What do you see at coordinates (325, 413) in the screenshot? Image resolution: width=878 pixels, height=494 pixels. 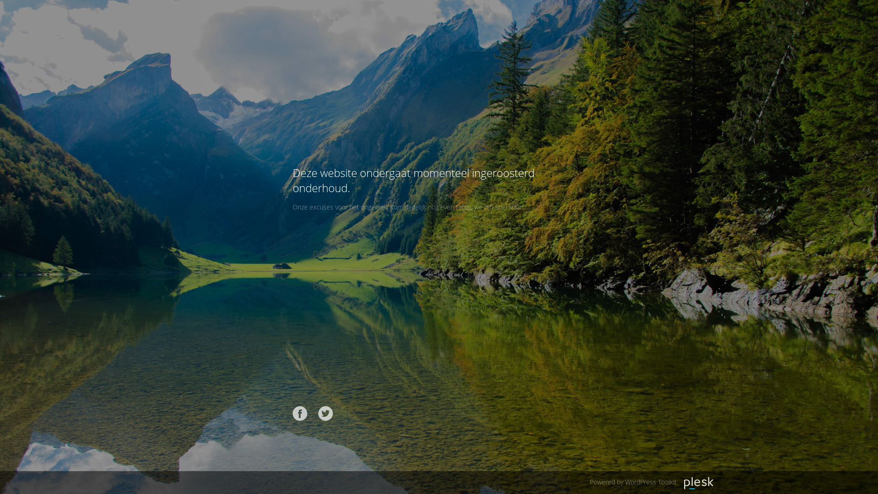 I see `'Twitter'` at bounding box center [325, 413].